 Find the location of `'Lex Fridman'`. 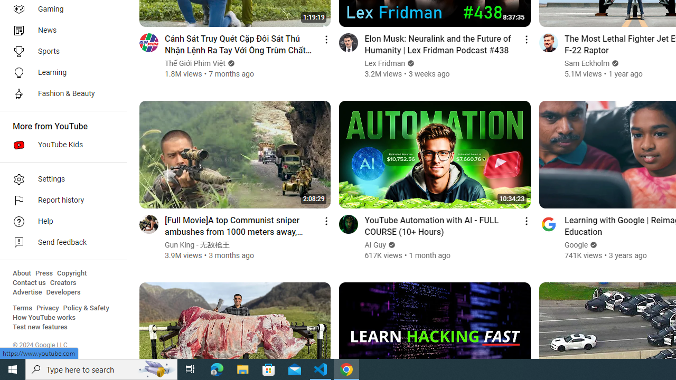

'Lex Fridman' is located at coordinates (384, 63).